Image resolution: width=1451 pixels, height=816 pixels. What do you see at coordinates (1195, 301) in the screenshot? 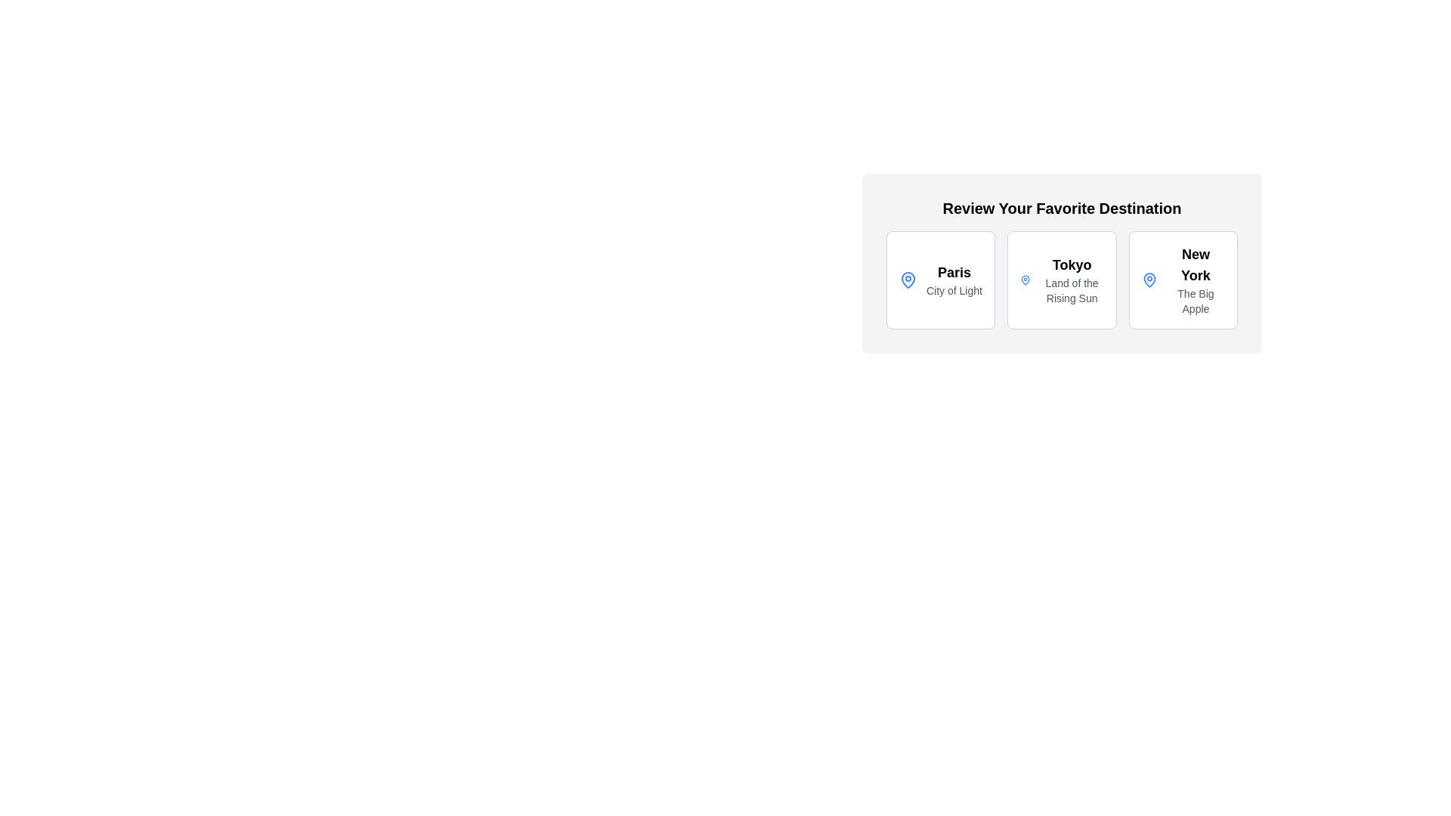
I see `text content of the label displaying 'The Big Apple', which is a smaller, gray-colored font positioned underneath 'New York' in the rightmost card` at bounding box center [1195, 301].